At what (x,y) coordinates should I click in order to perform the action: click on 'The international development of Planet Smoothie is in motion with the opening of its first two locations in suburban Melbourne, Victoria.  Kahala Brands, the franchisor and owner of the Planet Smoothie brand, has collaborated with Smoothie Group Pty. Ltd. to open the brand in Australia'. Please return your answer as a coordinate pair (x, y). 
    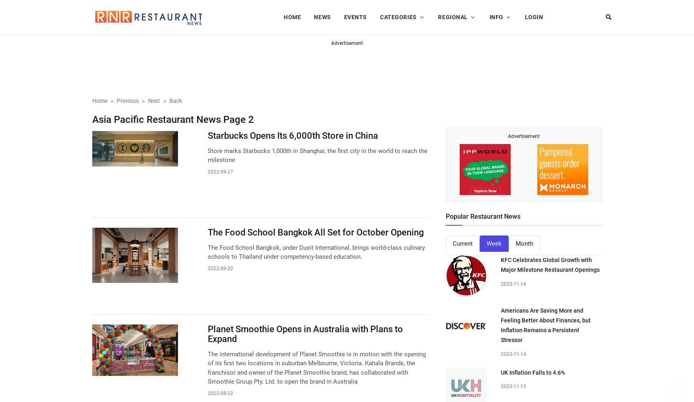
    Looking at the image, I should click on (316, 367).